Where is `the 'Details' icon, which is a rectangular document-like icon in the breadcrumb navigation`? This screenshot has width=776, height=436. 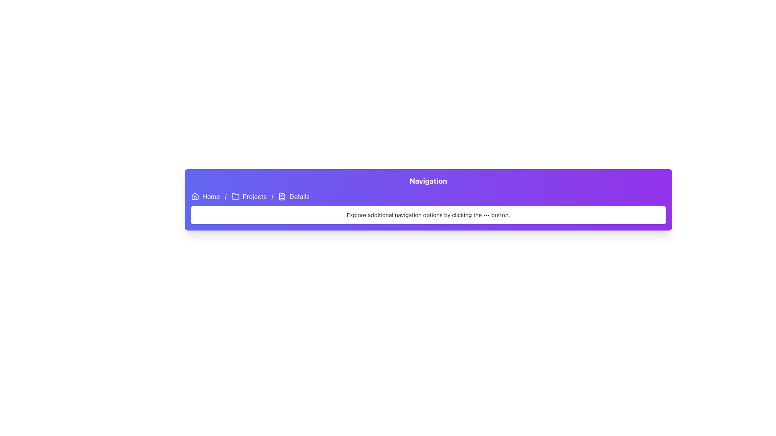
the 'Details' icon, which is a rectangular document-like icon in the breadcrumb navigation is located at coordinates (282, 196).